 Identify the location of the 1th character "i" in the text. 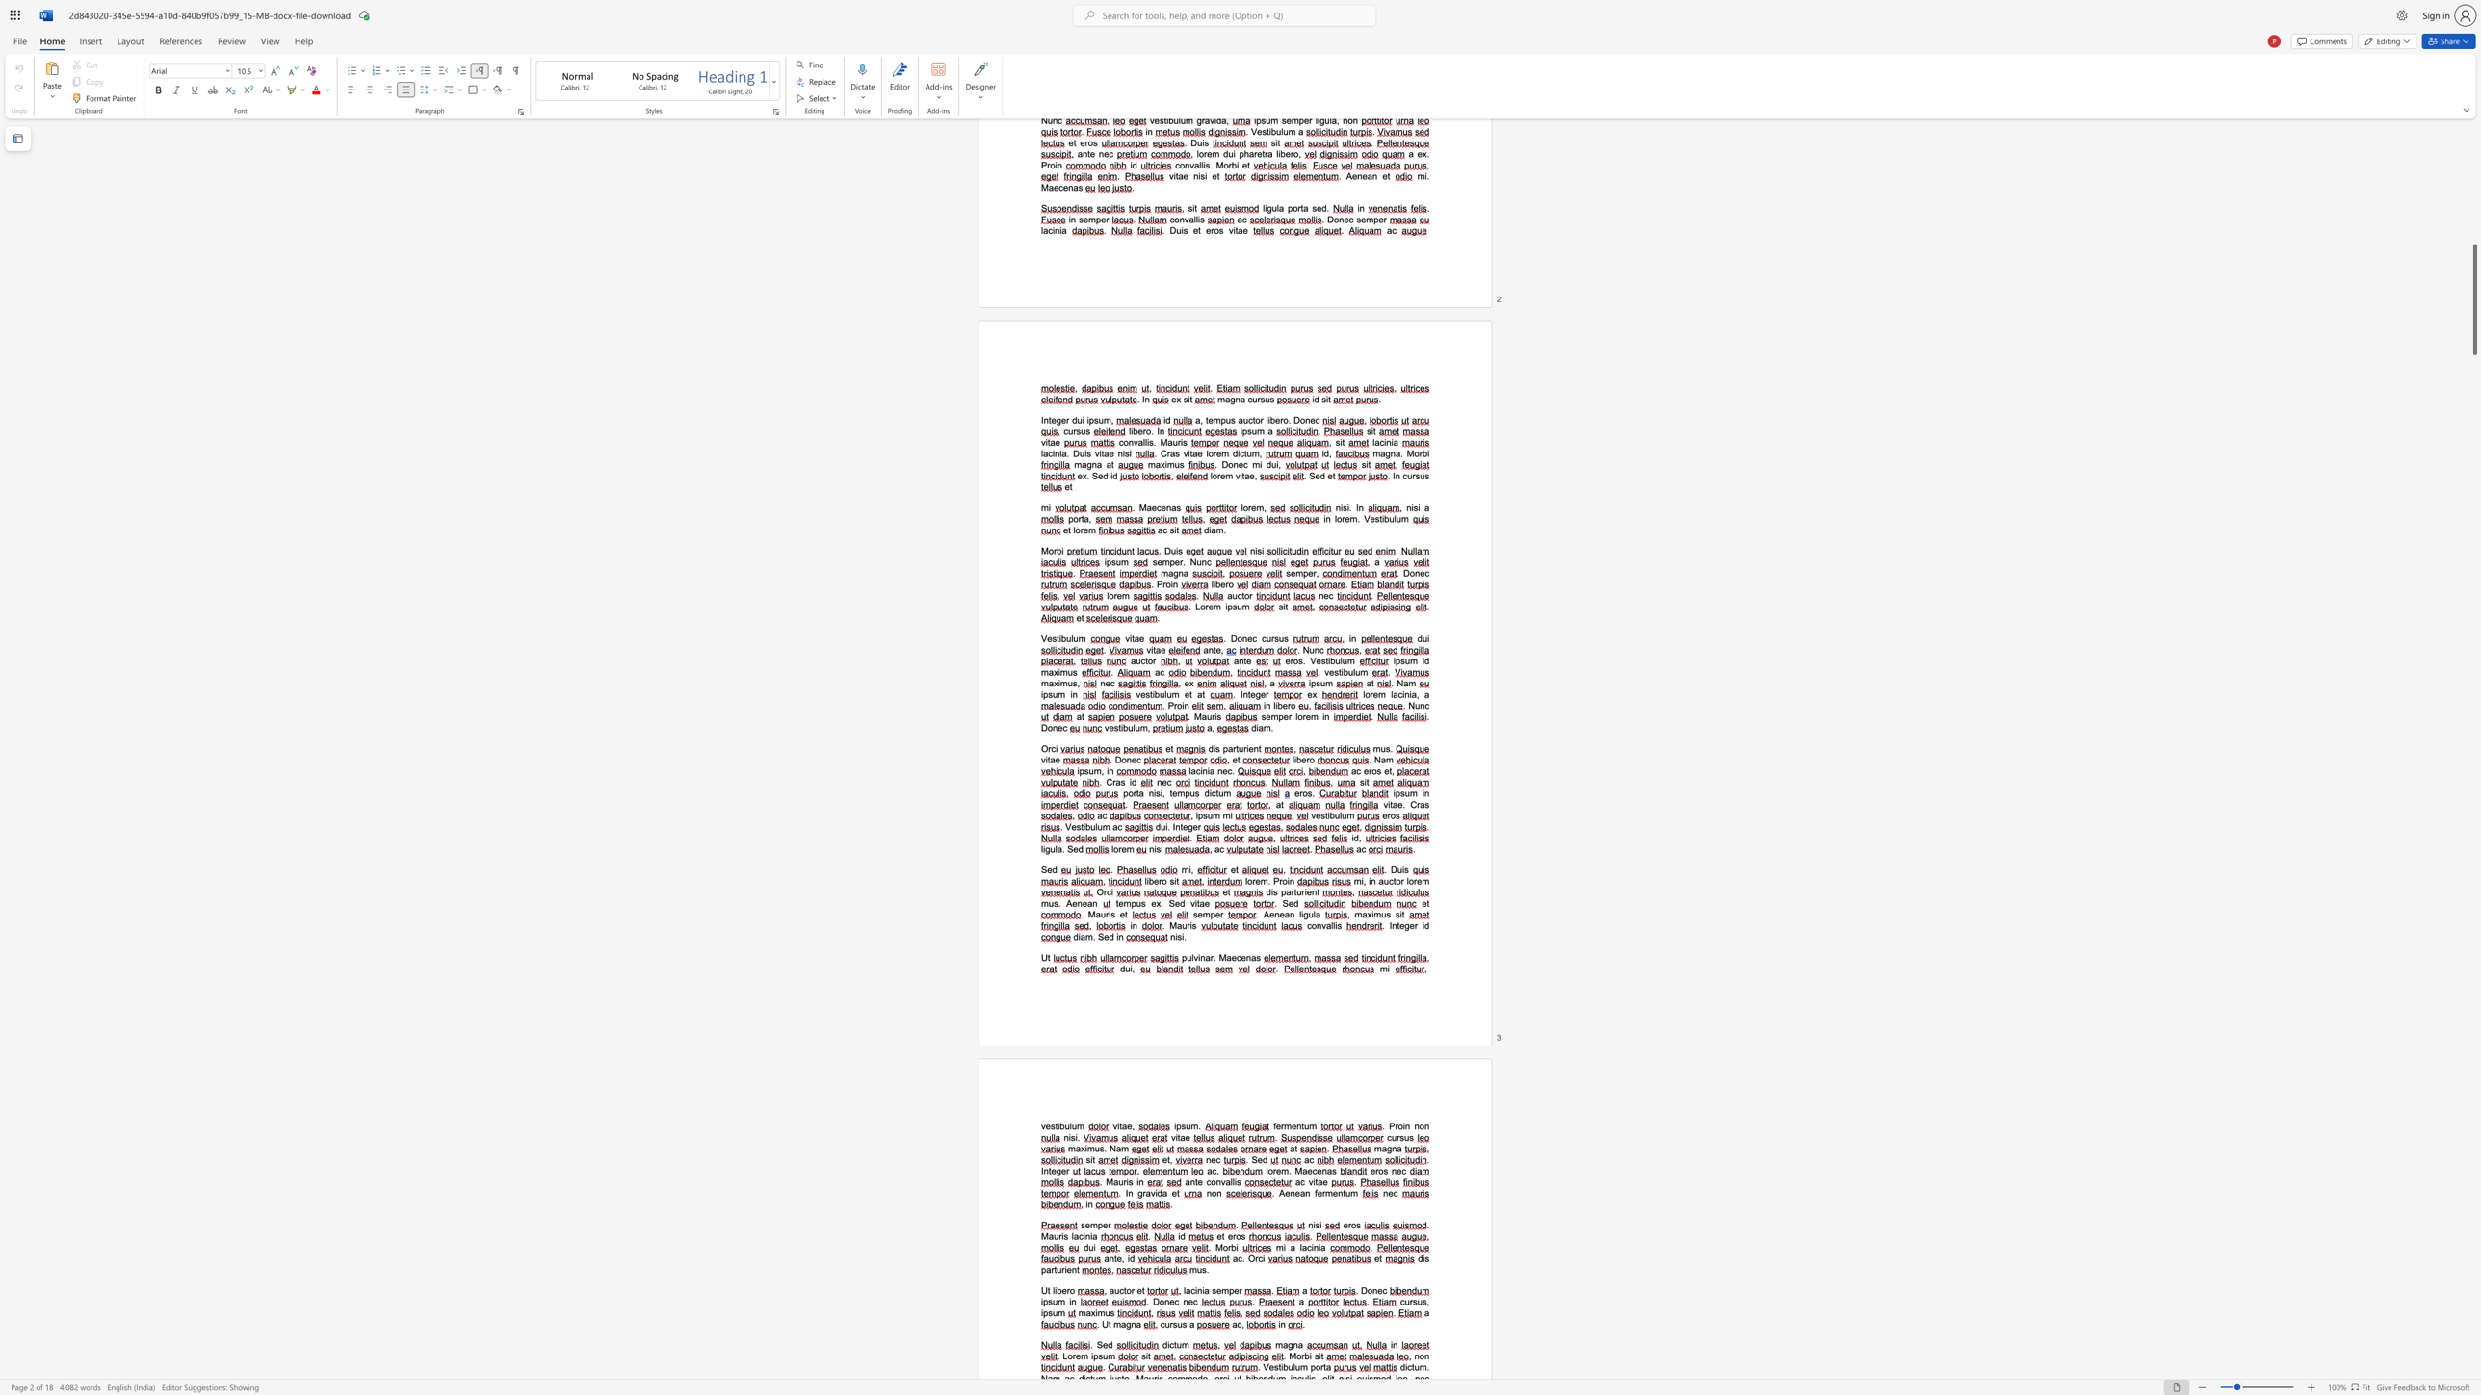
(1156, 1192).